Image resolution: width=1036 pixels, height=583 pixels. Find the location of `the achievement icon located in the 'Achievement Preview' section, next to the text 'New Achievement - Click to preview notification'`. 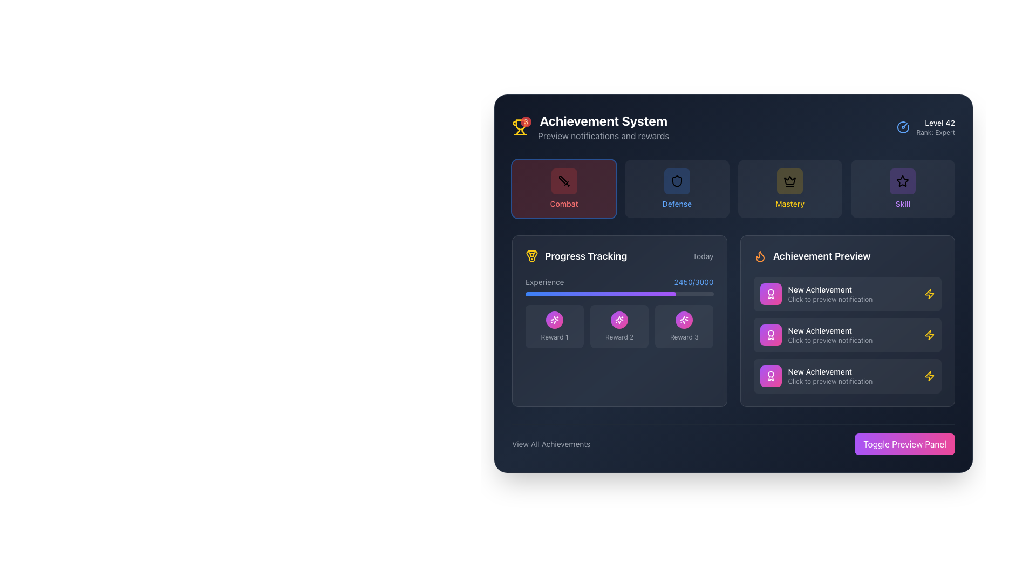

the achievement icon located in the 'Achievement Preview' section, next to the text 'New Achievement - Click to preview notification' is located at coordinates (929, 376).